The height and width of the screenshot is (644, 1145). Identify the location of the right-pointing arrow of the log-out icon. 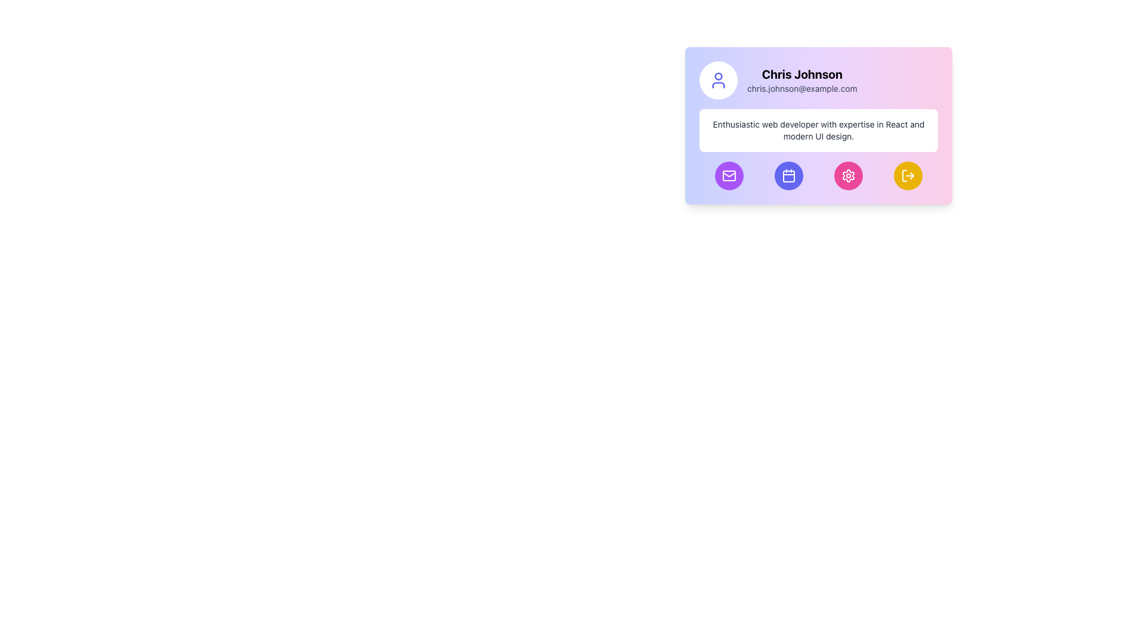
(911, 175).